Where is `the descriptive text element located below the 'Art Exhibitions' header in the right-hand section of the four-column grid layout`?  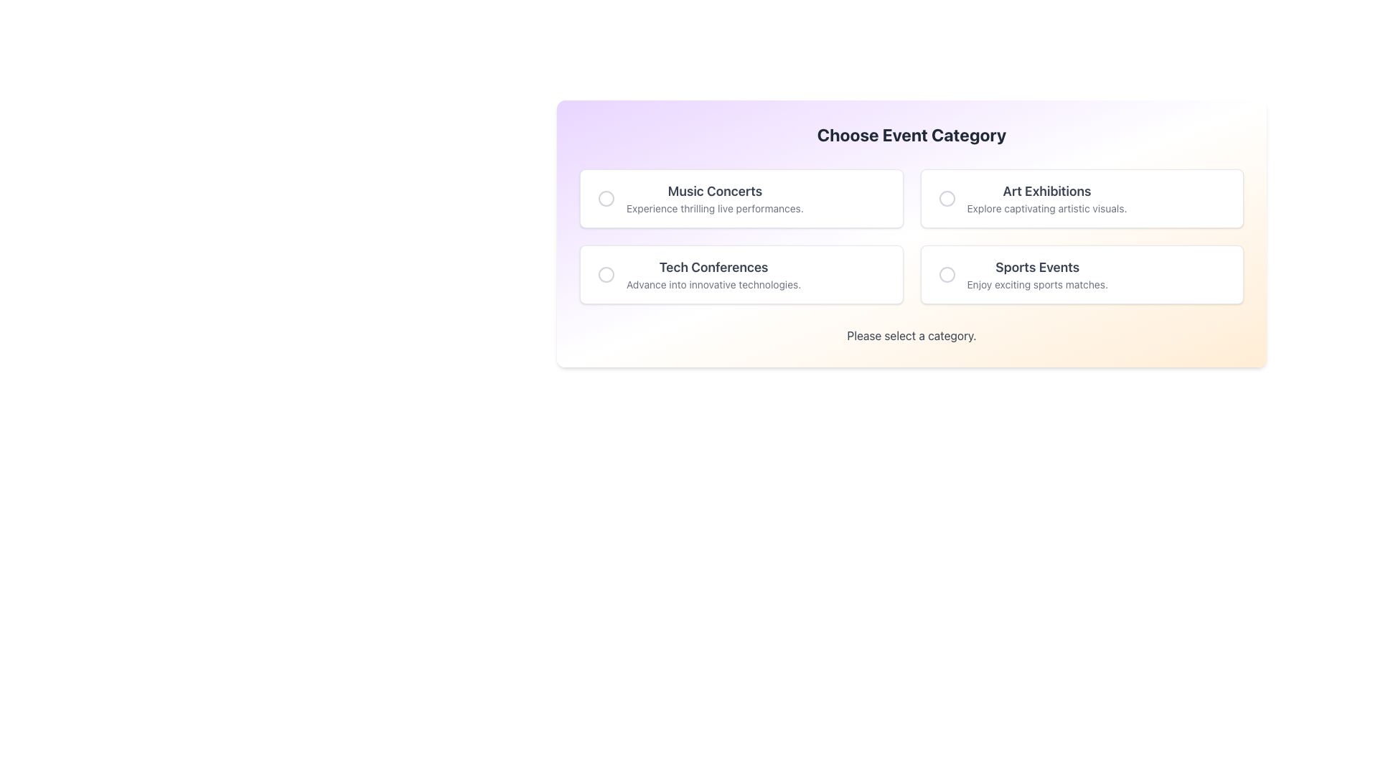 the descriptive text element located below the 'Art Exhibitions' header in the right-hand section of the four-column grid layout is located at coordinates (1047, 208).